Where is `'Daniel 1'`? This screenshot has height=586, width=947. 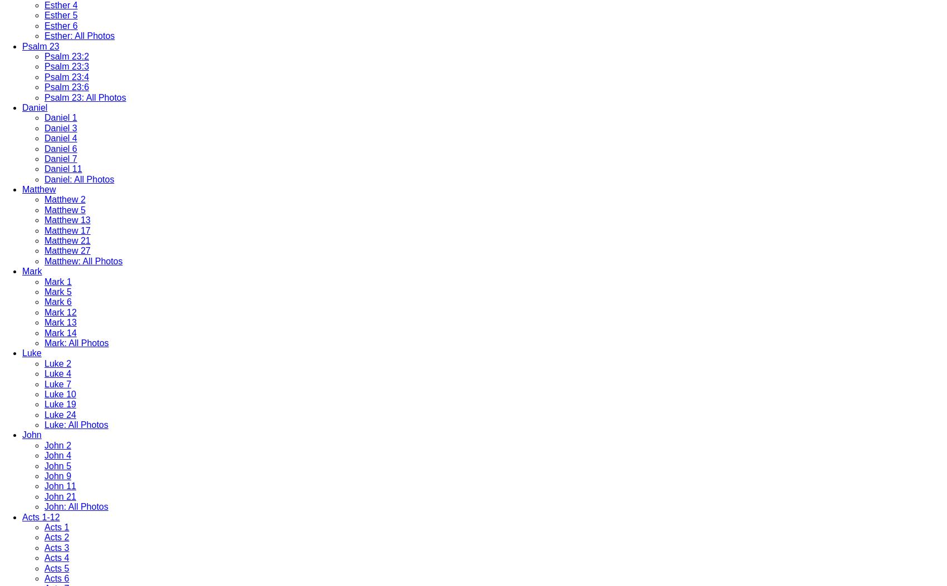
'Daniel 1' is located at coordinates (44, 117).